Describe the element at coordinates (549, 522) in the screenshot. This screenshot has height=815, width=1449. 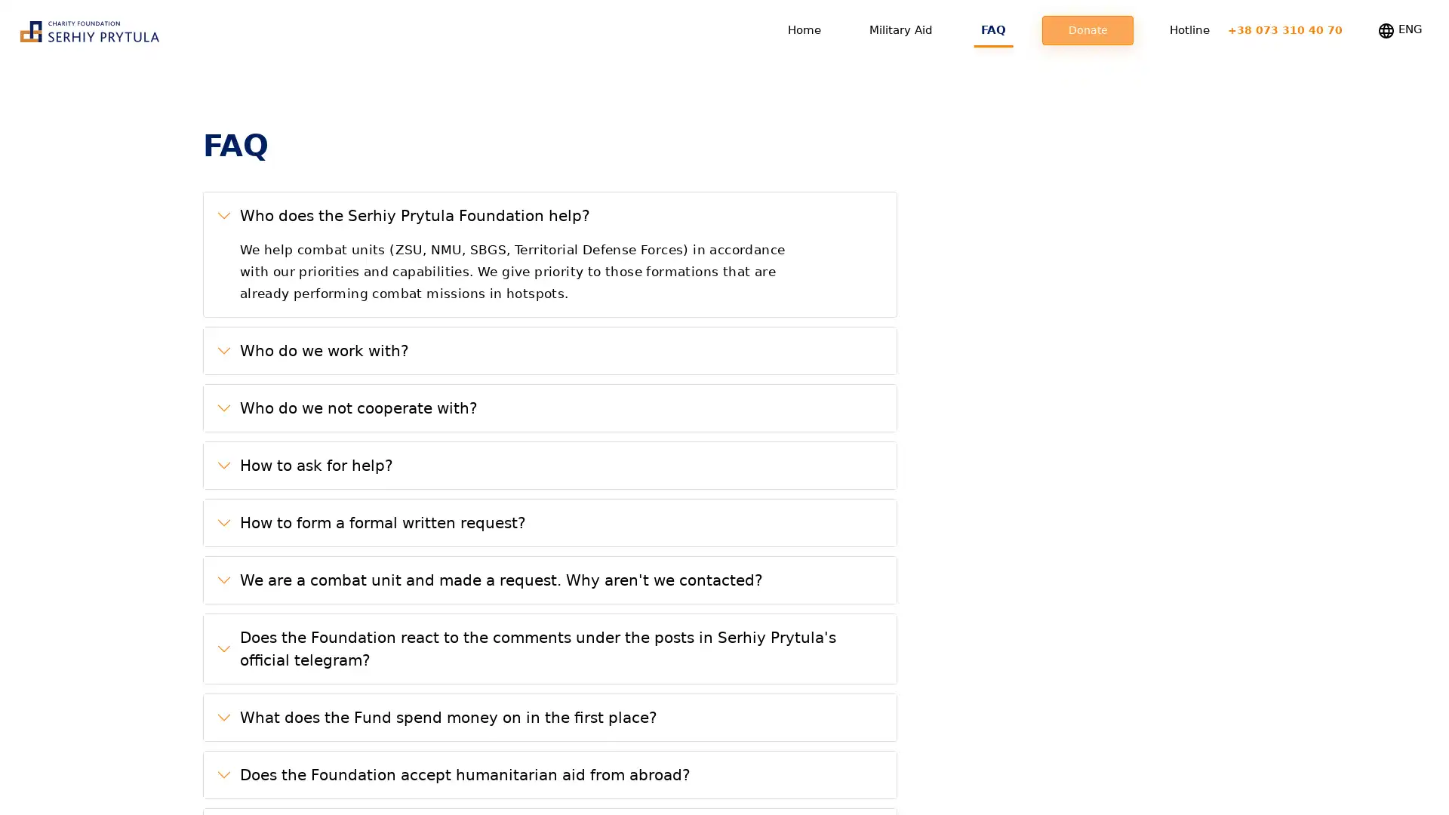
I see `How to form a formal written request?` at that location.